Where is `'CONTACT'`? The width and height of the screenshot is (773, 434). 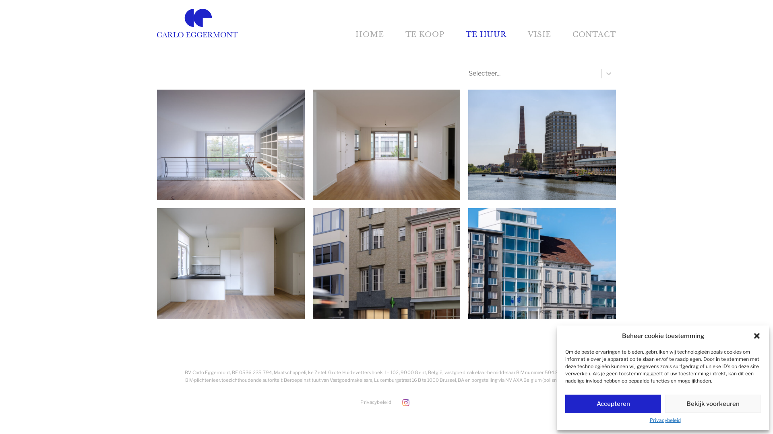 'CONTACT' is located at coordinates (594, 34).